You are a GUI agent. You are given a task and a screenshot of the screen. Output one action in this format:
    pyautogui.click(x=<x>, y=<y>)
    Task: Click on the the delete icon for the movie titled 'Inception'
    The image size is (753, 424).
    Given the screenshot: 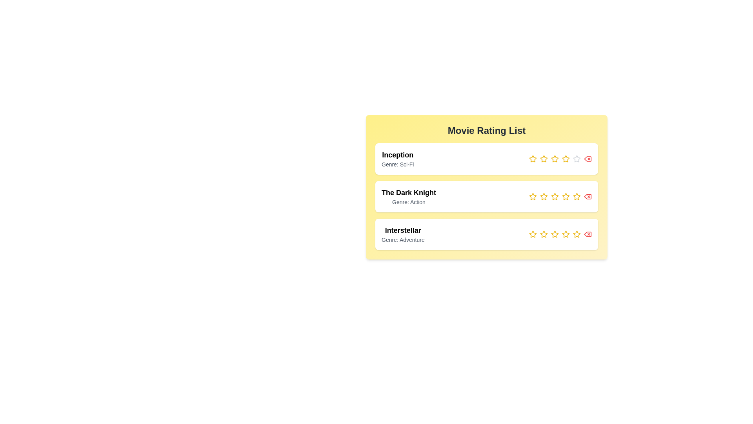 What is the action you would take?
    pyautogui.click(x=587, y=159)
    